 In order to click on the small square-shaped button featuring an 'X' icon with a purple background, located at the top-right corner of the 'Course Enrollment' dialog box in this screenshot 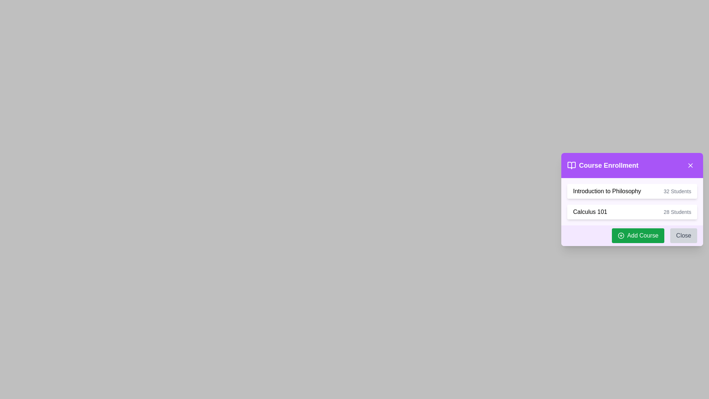, I will do `click(690, 165)`.